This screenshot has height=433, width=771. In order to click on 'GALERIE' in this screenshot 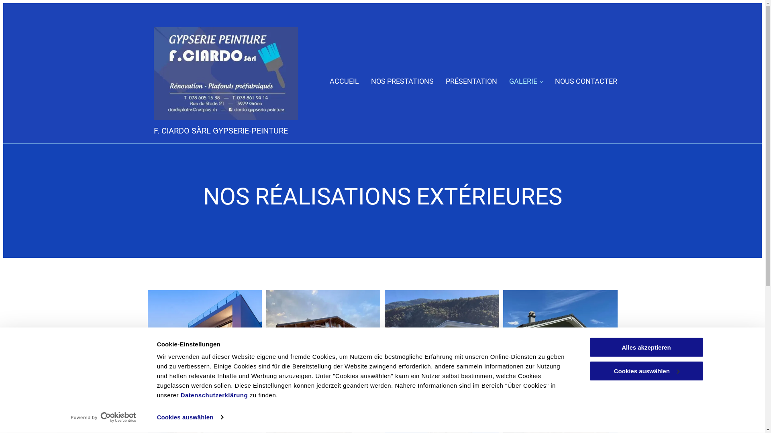, I will do `click(526, 81)`.